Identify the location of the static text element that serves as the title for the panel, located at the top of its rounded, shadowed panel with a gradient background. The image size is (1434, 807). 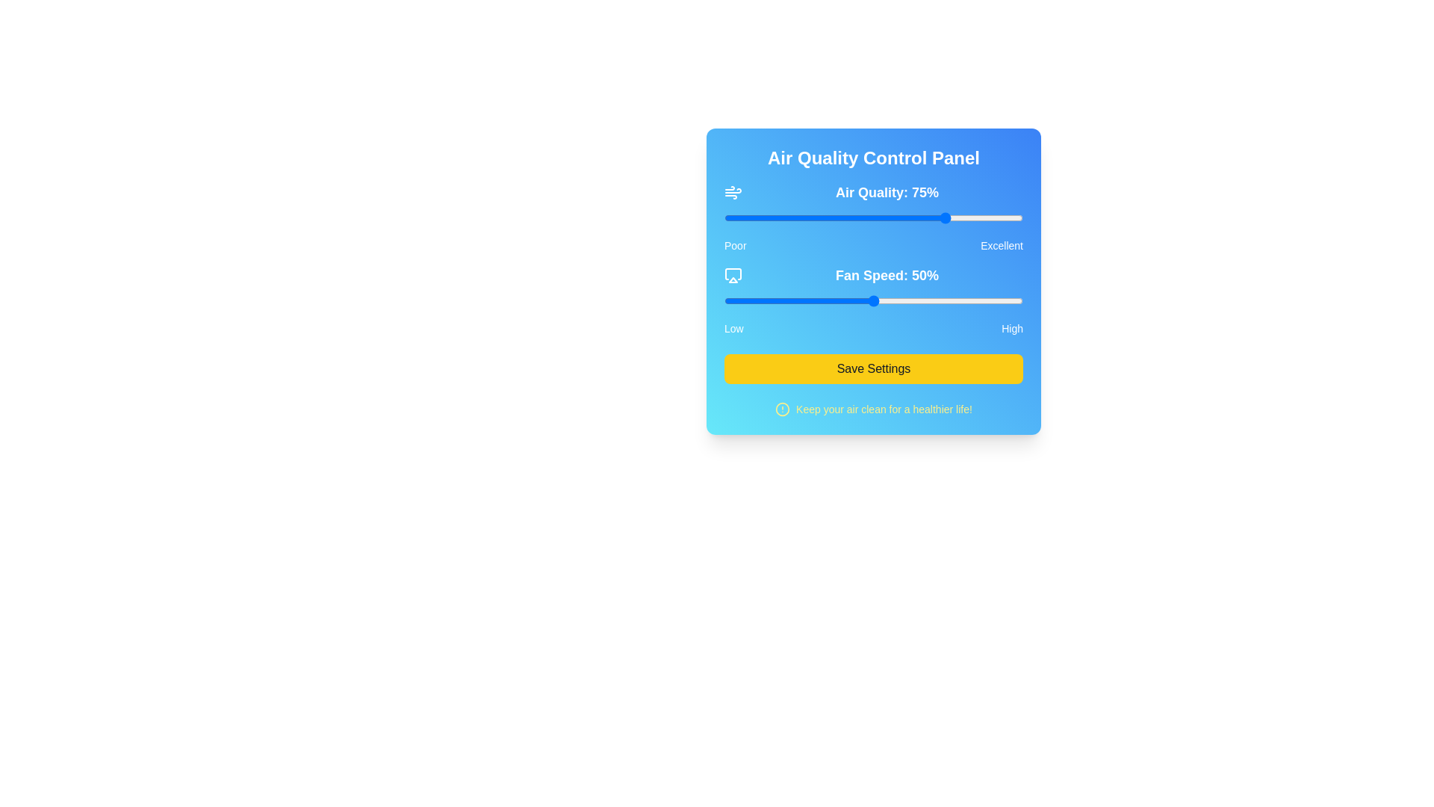
(874, 158).